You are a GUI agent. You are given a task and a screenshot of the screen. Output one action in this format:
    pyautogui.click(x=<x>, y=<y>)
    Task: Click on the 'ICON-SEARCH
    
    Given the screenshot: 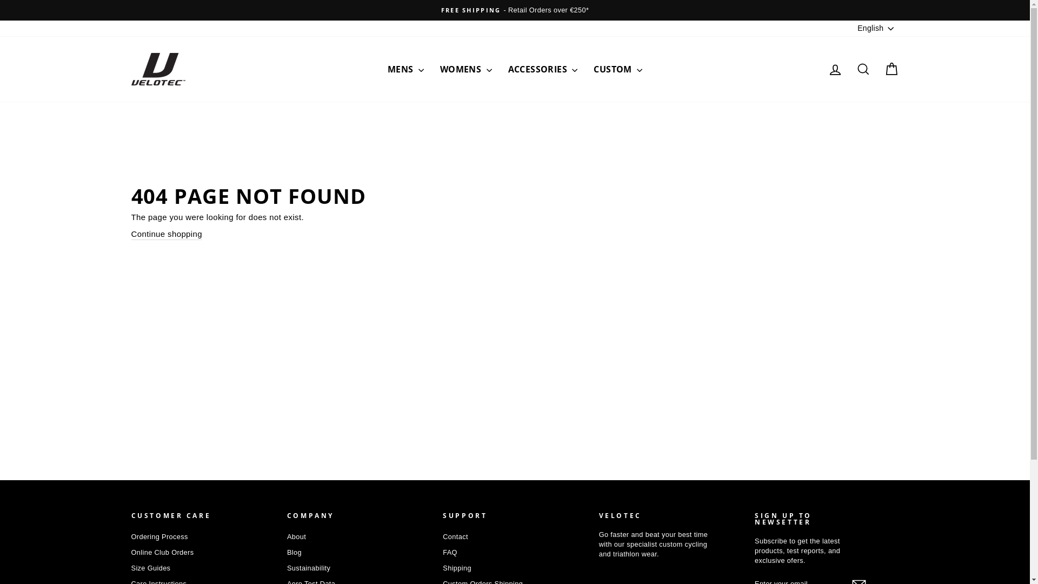 What is the action you would take?
    pyautogui.click(x=862, y=69)
    